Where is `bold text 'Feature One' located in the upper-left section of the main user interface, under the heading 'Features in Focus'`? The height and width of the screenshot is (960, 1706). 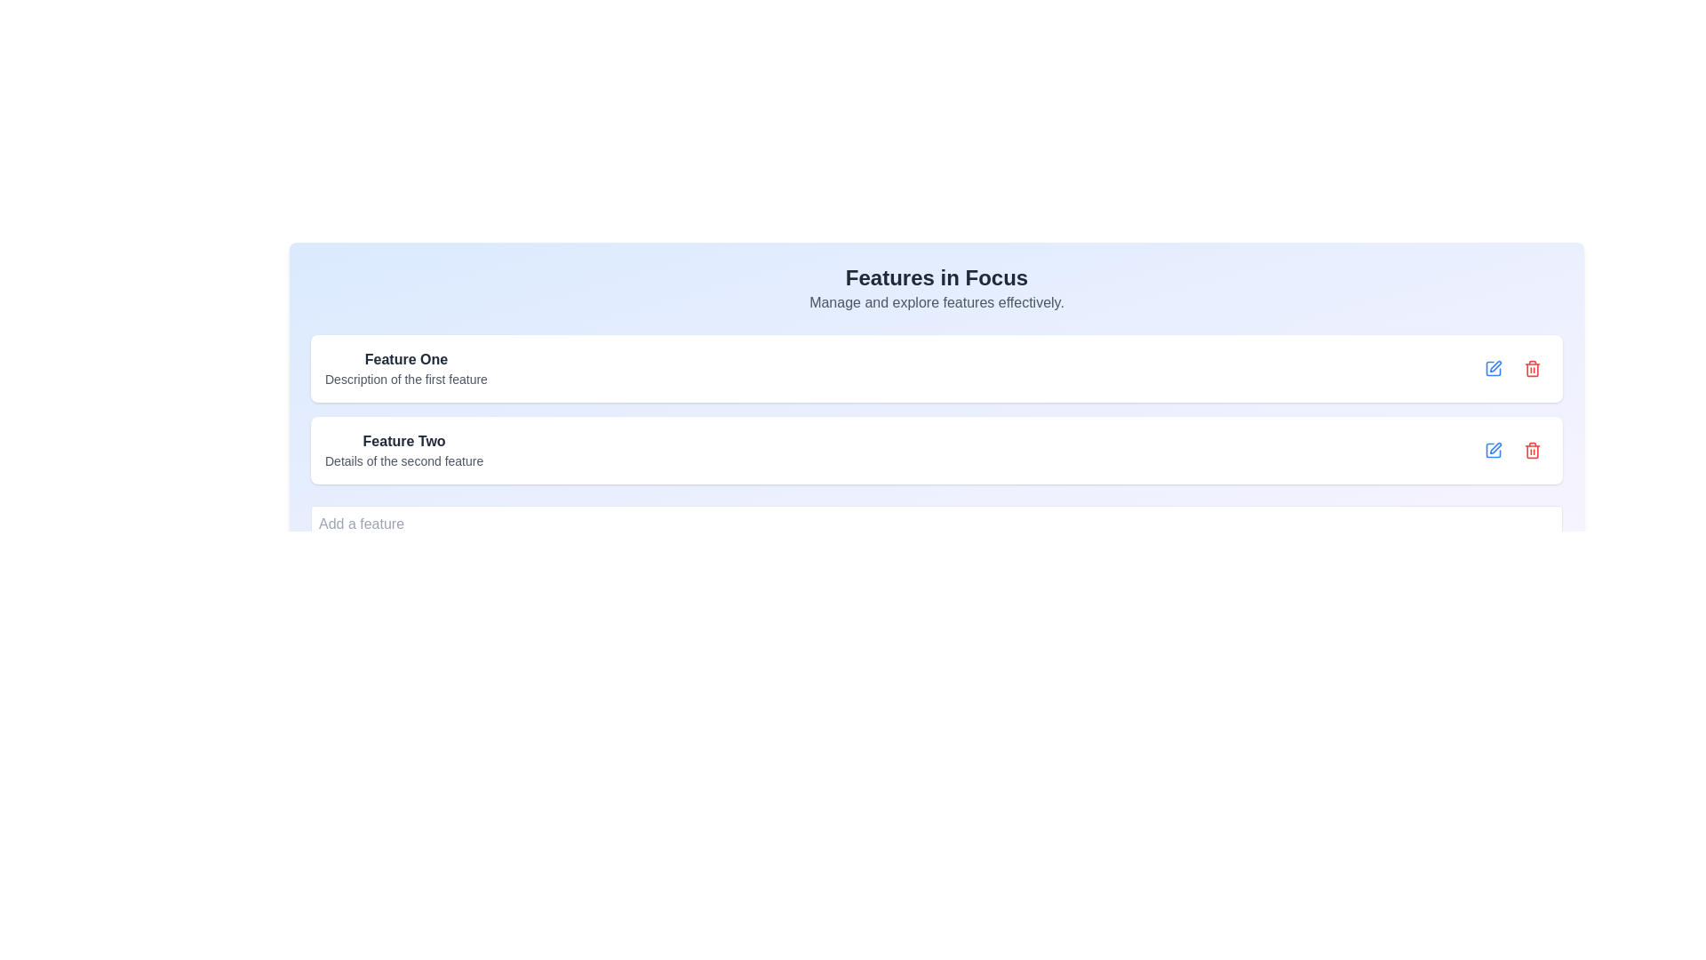 bold text 'Feature One' located in the upper-left section of the main user interface, under the heading 'Features in Focus' is located at coordinates (405, 360).